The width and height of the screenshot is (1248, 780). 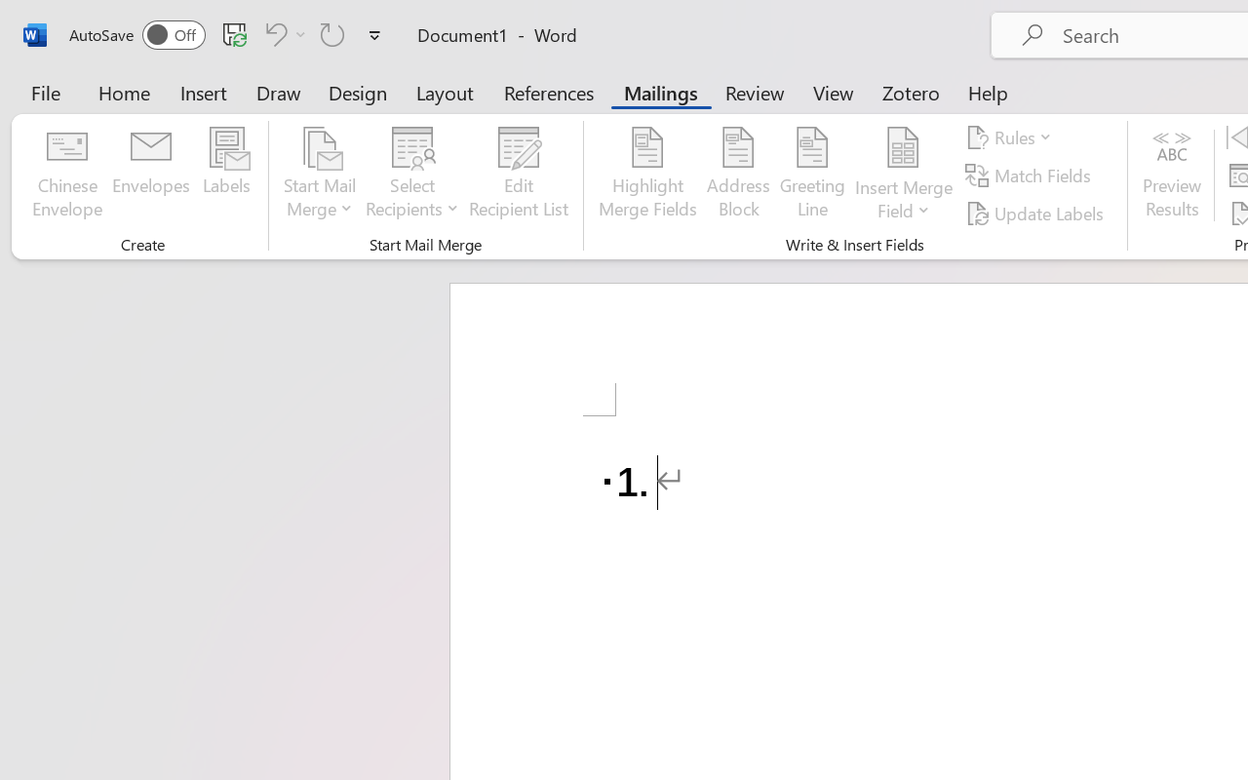 What do you see at coordinates (150, 175) in the screenshot?
I see `'Envelopes...'` at bounding box center [150, 175].